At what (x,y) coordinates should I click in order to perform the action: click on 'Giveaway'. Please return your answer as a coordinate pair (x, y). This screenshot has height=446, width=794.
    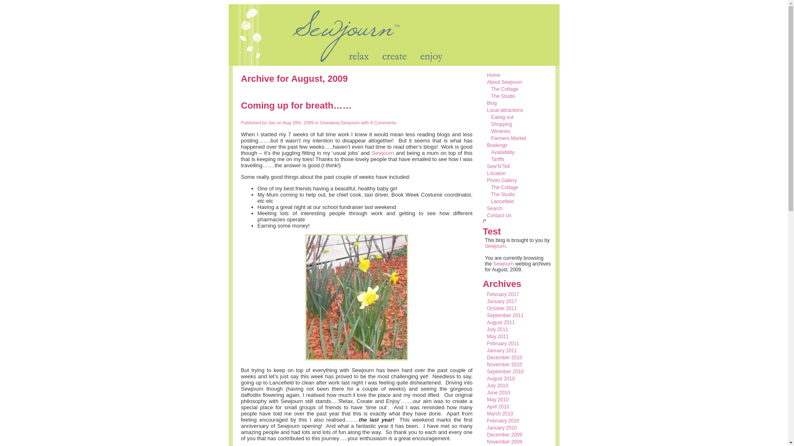
    Looking at the image, I should click on (329, 123).